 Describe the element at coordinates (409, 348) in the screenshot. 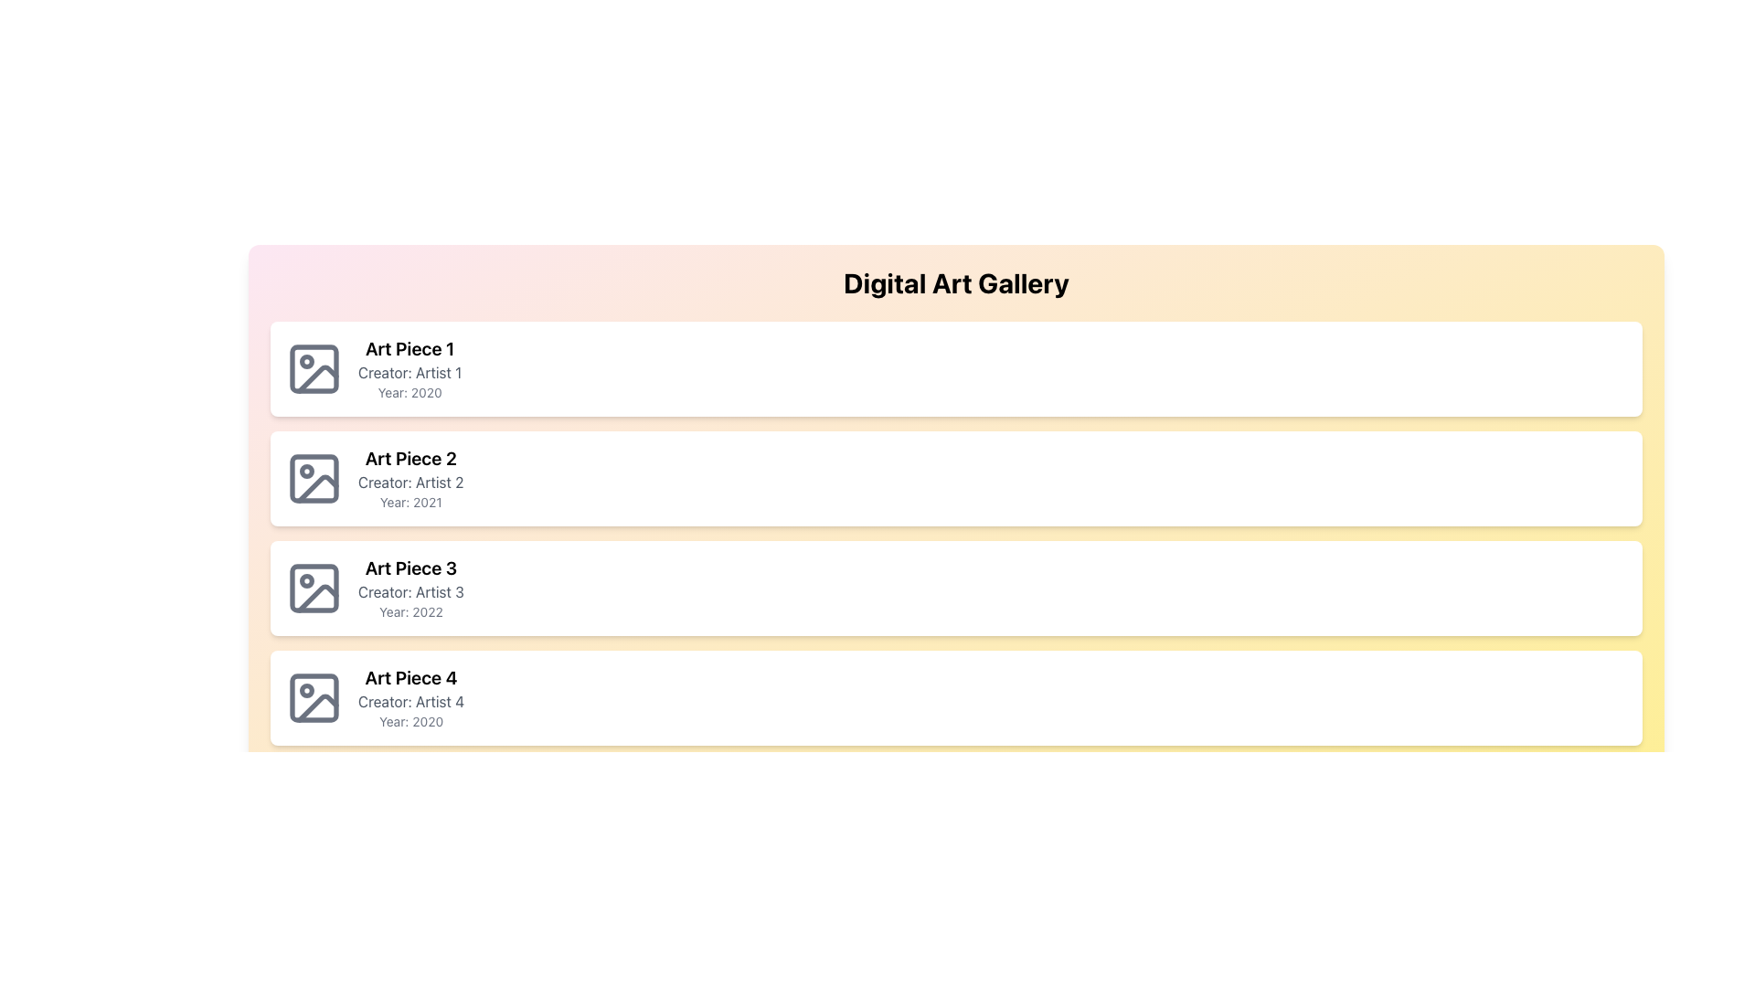

I see `text label identifying the first art piece, located above the text 'Creator: Artist 1' and 'Year: 2020' in the first card of the vertical list` at that location.